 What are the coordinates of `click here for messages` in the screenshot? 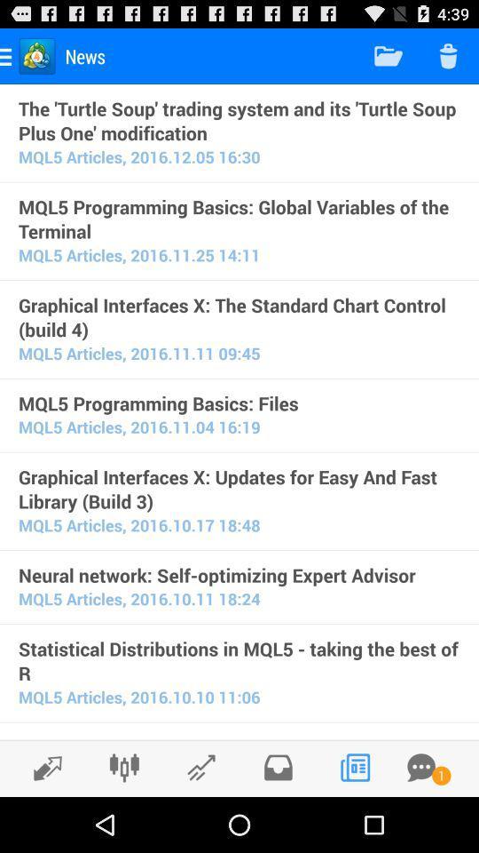 It's located at (420, 767).